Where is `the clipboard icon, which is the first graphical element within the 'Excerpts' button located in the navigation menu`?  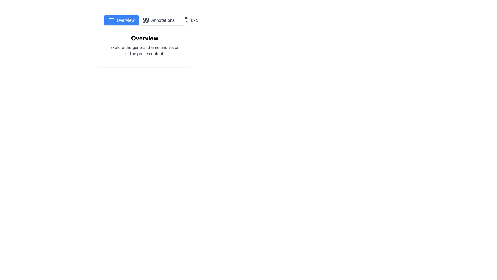
the clipboard icon, which is the first graphical element within the 'Excerpts' button located in the navigation menu is located at coordinates (186, 20).